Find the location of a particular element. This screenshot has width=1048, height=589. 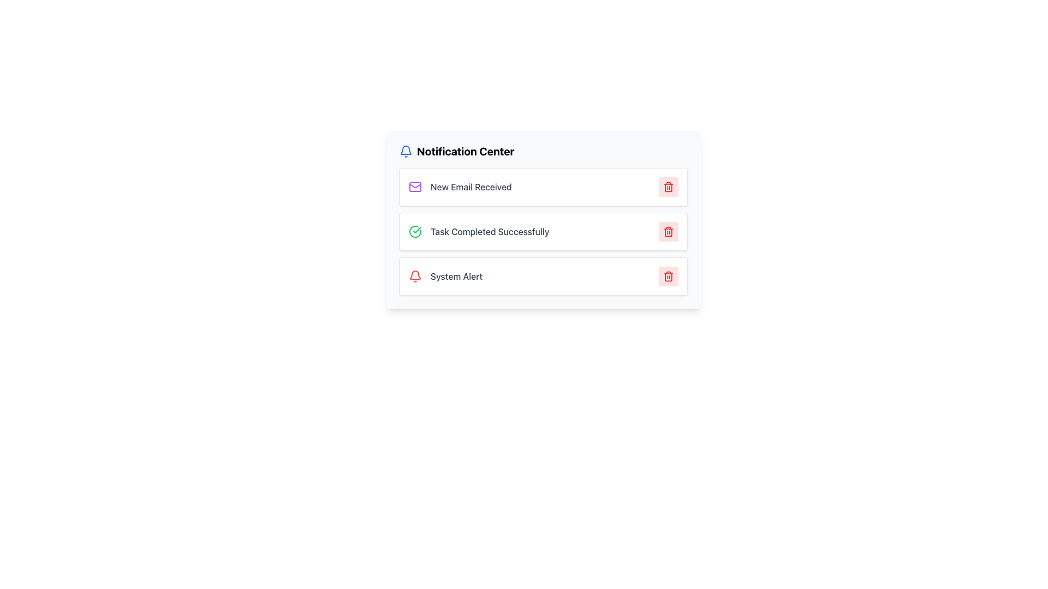

the green checkmark icon inside the circular outline that indicates 'Task Completed Successfully' in the notification row is located at coordinates (416, 229).